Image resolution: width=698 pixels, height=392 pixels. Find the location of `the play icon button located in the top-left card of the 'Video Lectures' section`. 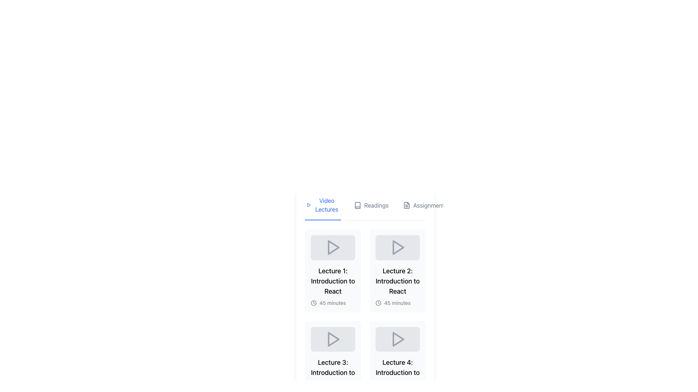

the play icon button located in the top-left card of the 'Video Lectures' section is located at coordinates (333, 247).